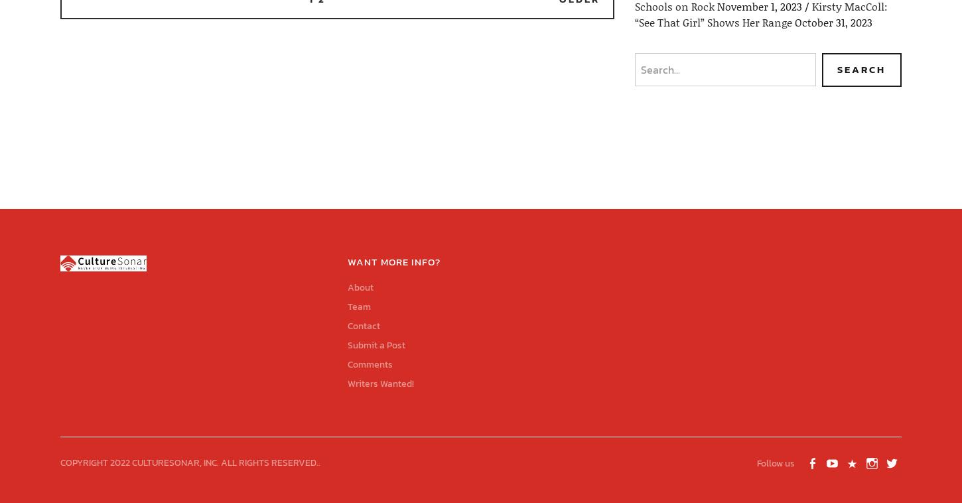 This screenshot has height=503, width=962. What do you see at coordinates (369, 363) in the screenshot?
I see `'Comments'` at bounding box center [369, 363].